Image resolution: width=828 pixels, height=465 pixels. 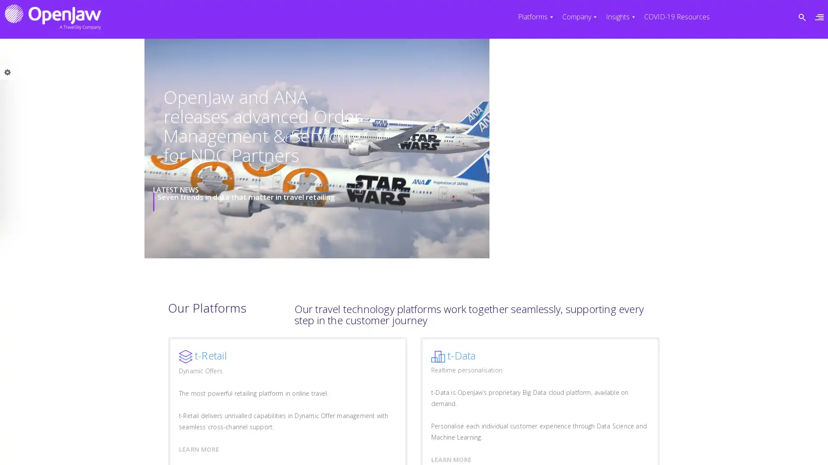 I want to click on Reject, so click(x=539, y=448).